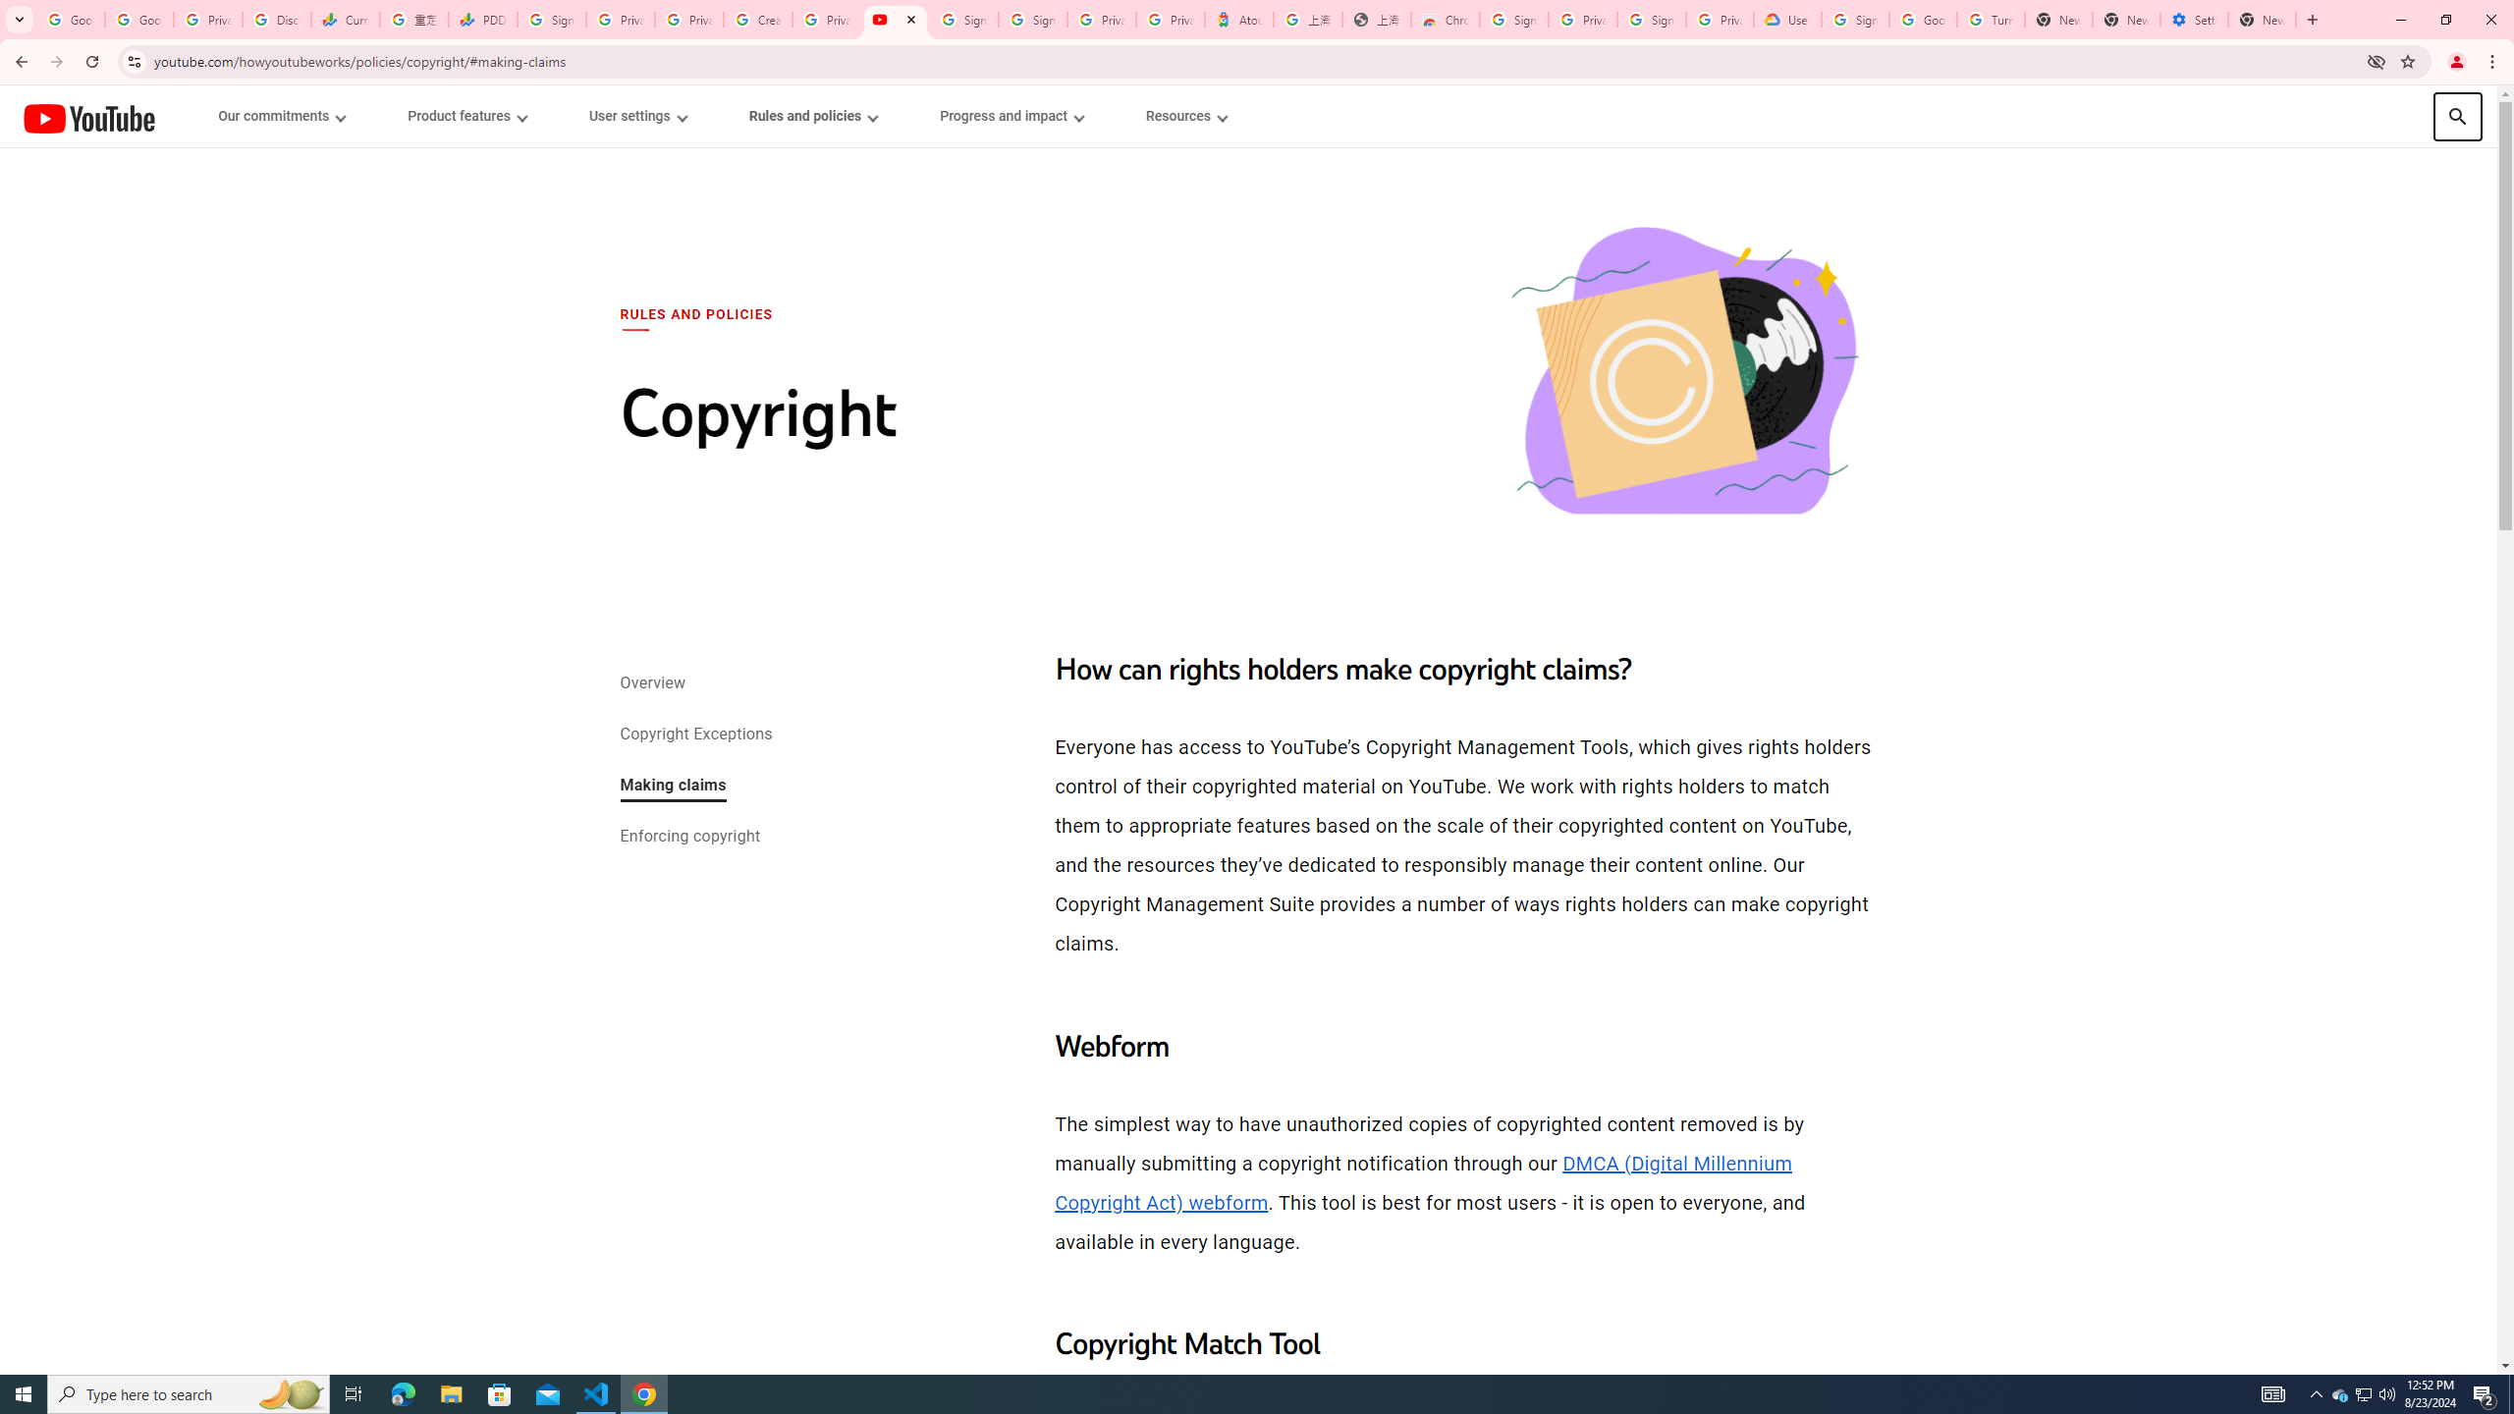  What do you see at coordinates (345, 19) in the screenshot?
I see `'Currencies - Google Finance'` at bounding box center [345, 19].